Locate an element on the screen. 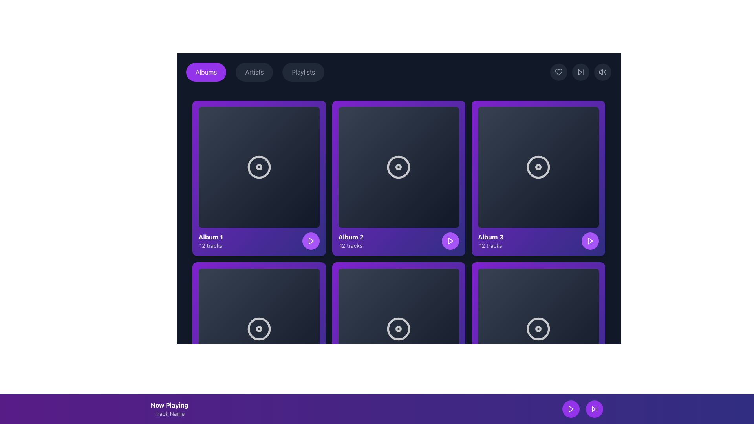 The image size is (754, 424). the Play button is located at coordinates (310, 402).